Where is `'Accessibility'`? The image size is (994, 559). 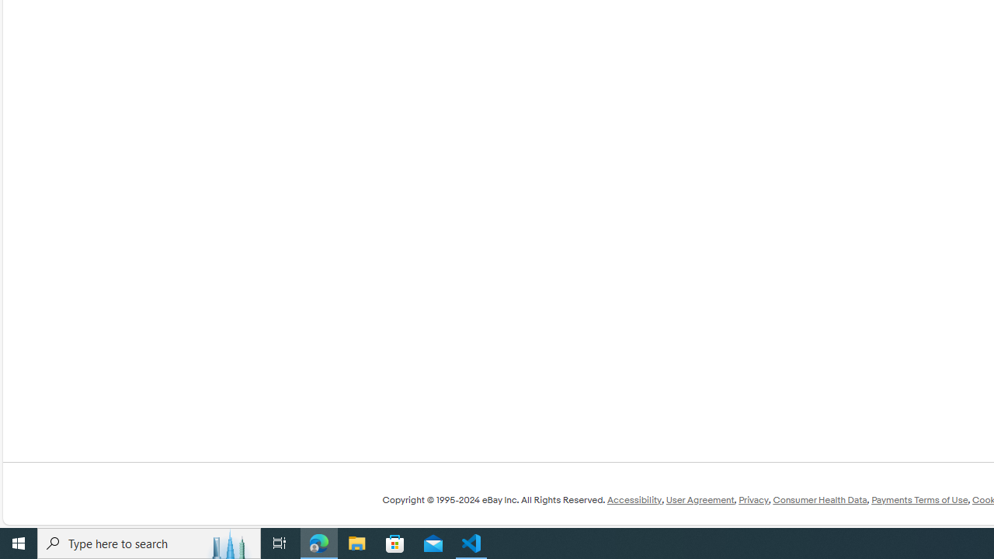 'Accessibility' is located at coordinates (634, 500).